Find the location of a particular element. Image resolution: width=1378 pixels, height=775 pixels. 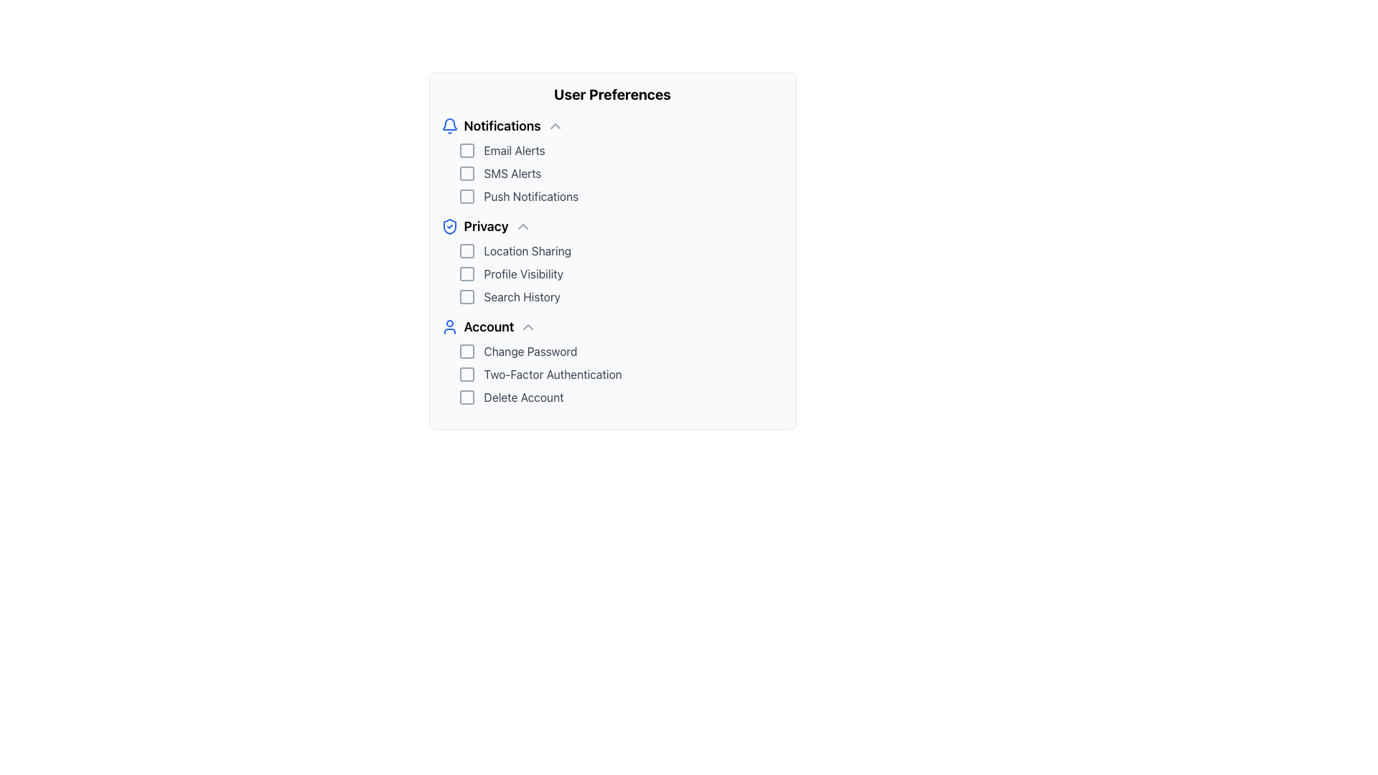

text of the 'Notifications' text label, which is bold and prominently displayed at the top of the User Preferences section, located between a bell icon and a chevron icon is located at coordinates (502, 126).